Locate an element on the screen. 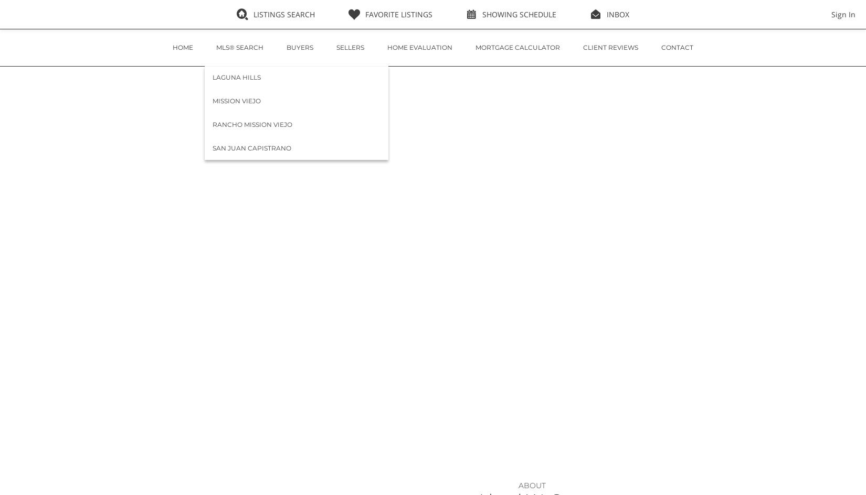 Image resolution: width=866 pixels, height=495 pixels. 'Contact' is located at coordinates (660, 47).